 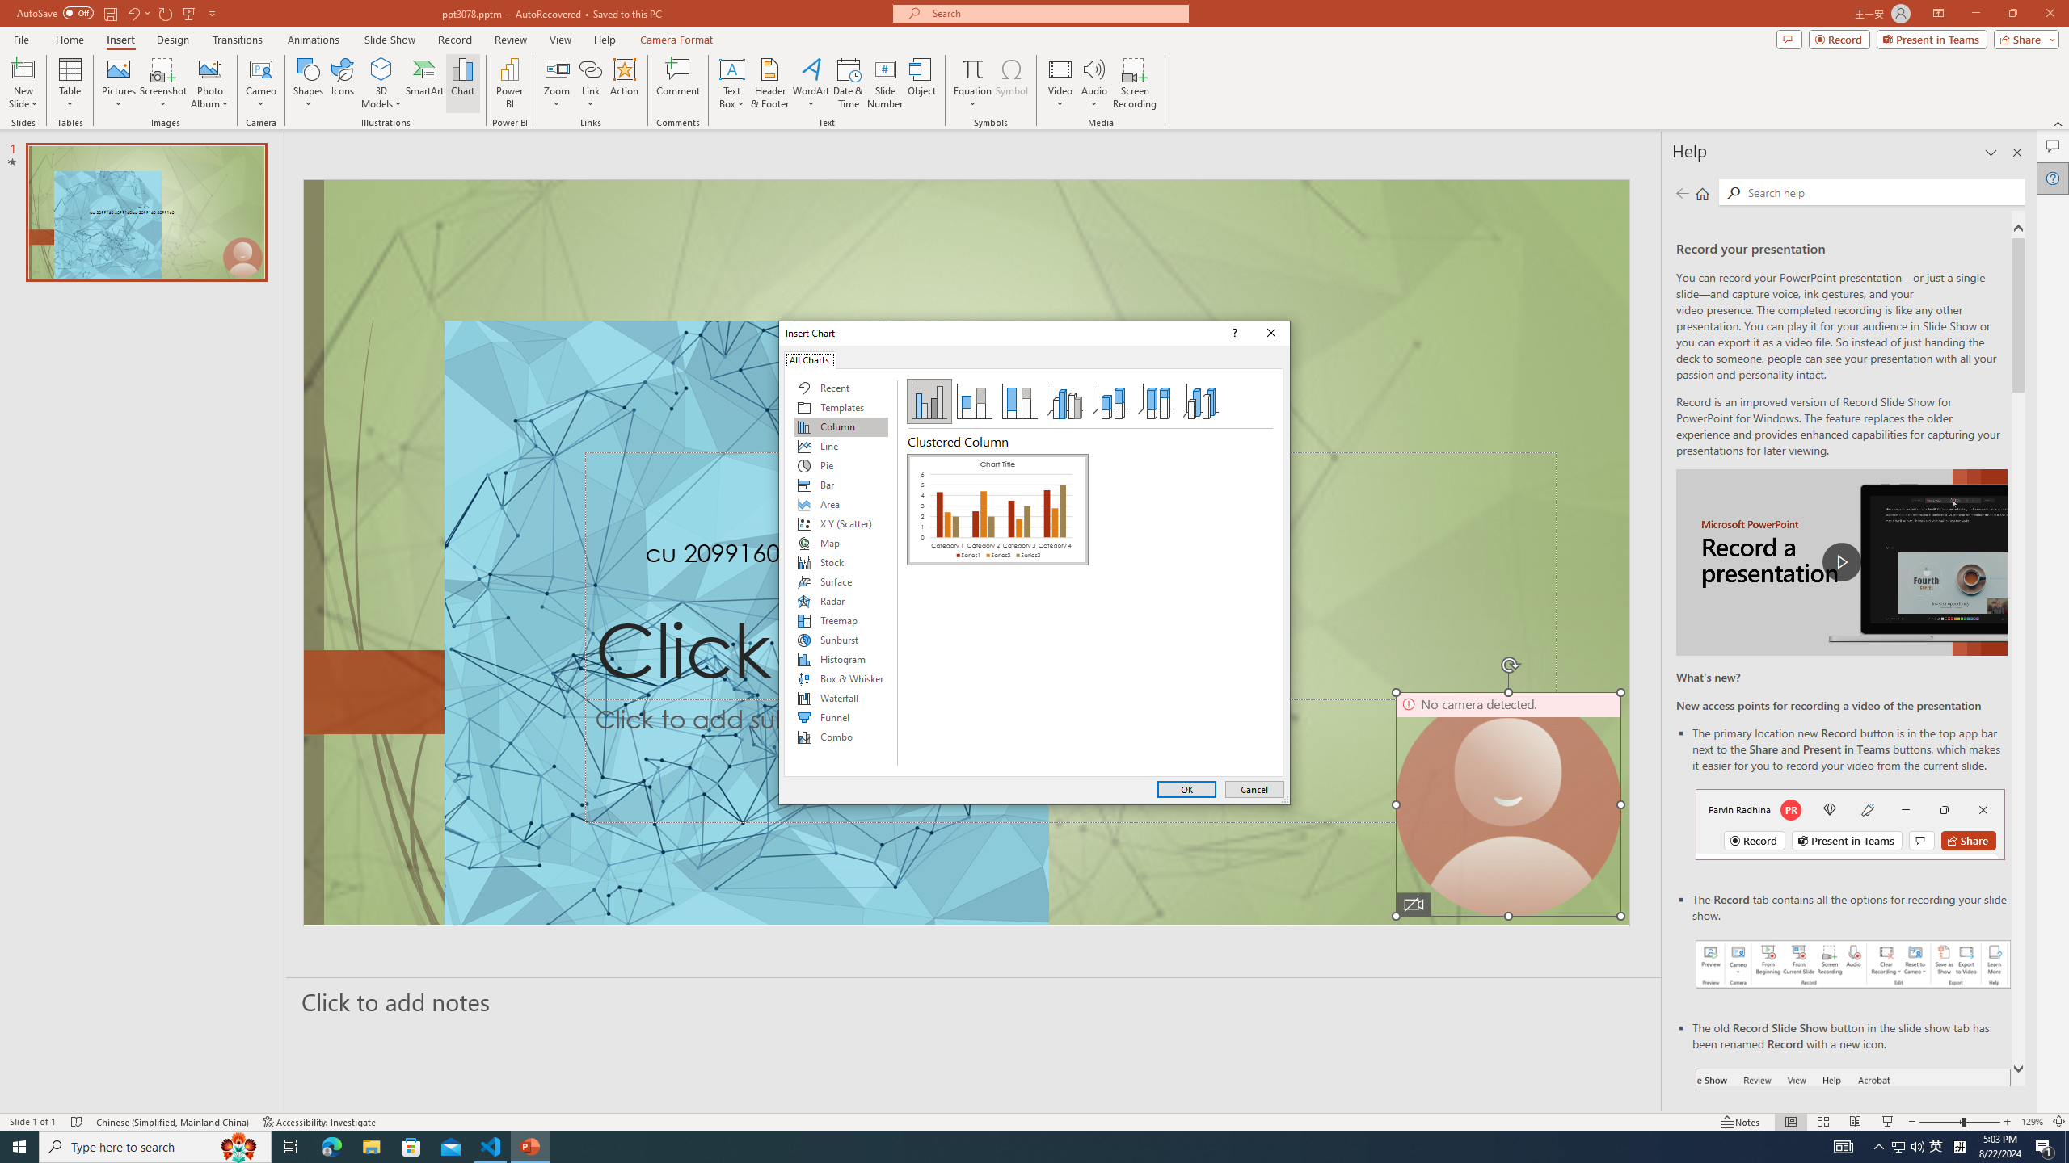 What do you see at coordinates (1156, 401) in the screenshot?
I see `'3-D 100% Stacked Column'` at bounding box center [1156, 401].